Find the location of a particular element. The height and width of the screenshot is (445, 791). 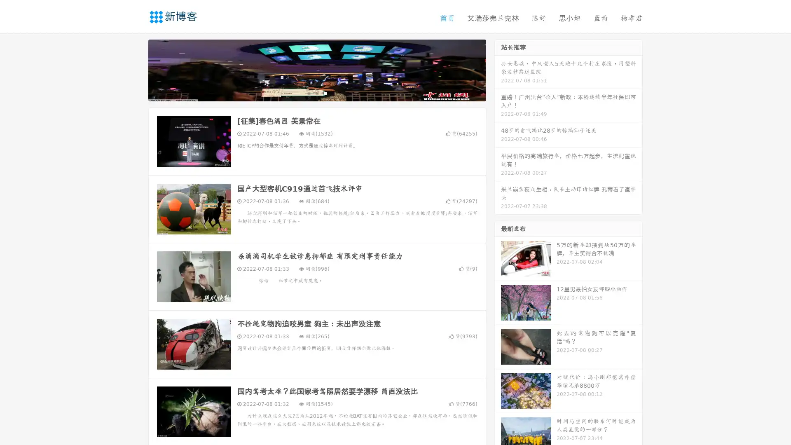

Go to slide 3 is located at coordinates (325, 93).